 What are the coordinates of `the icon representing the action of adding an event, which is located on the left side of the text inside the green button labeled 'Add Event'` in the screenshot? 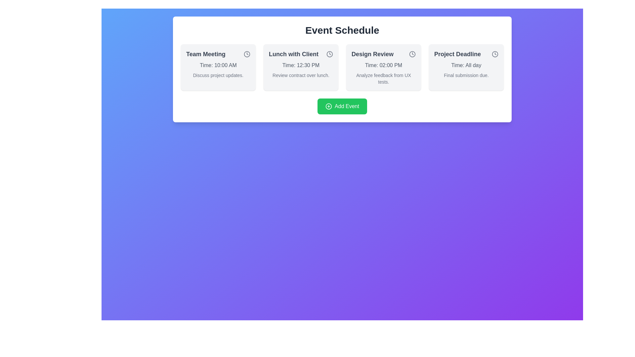 It's located at (329, 106).